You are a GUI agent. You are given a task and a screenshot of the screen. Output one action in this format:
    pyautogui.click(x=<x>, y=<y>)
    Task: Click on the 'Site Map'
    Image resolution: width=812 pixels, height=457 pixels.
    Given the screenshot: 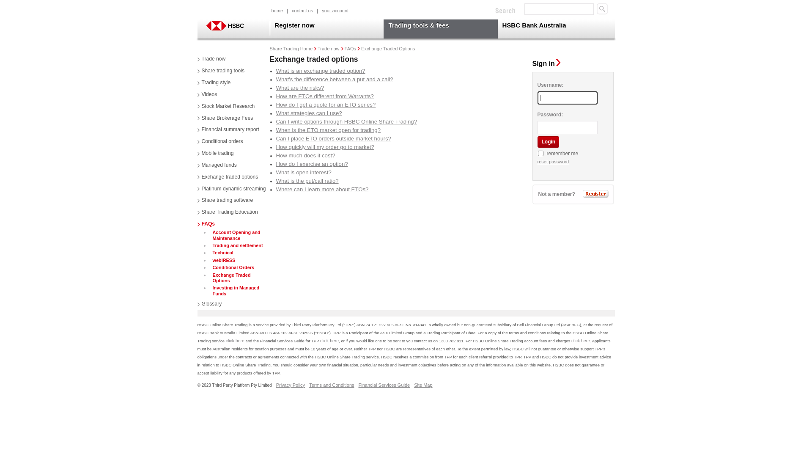 What is the action you would take?
    pyautogui.click(x=423, y=385)
    